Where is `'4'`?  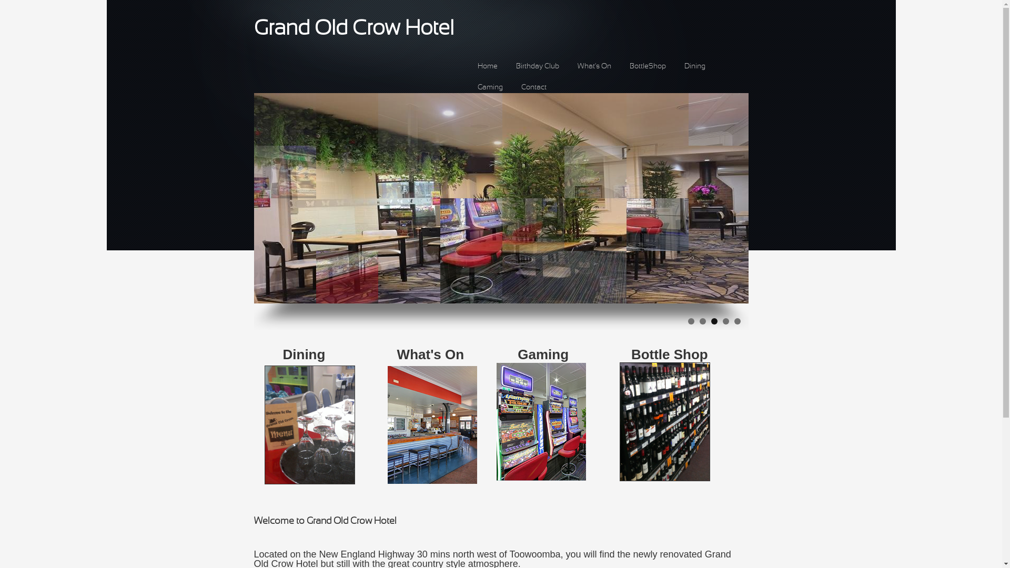 '4' is located at coordinates (722, 320).